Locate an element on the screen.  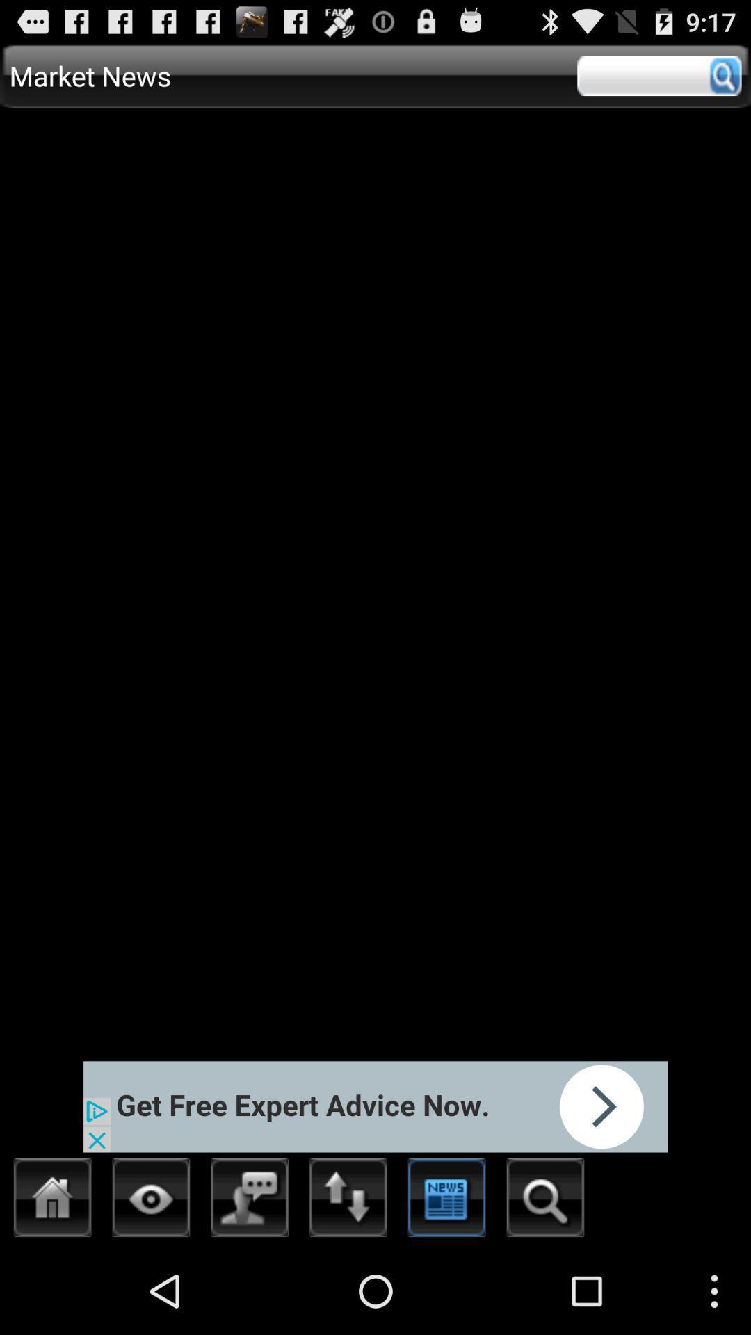
the home icon is located at coordinates (52, 1285).